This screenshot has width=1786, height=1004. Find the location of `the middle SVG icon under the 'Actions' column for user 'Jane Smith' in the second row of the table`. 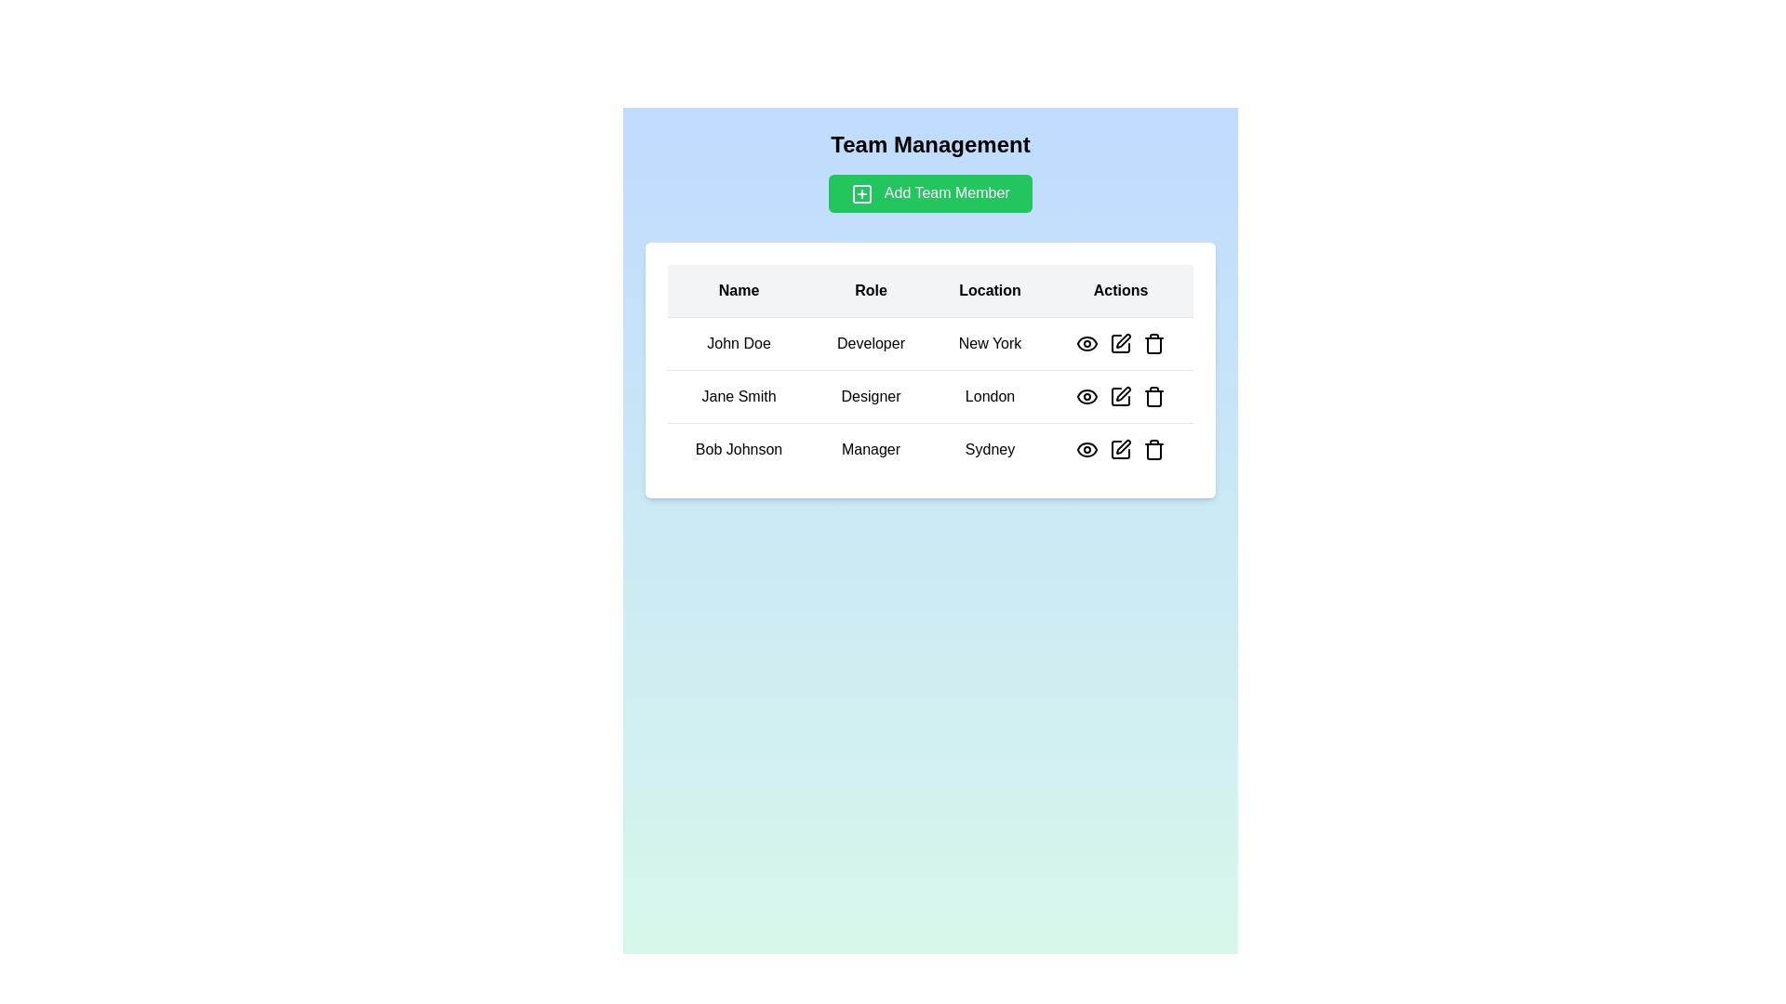

the middle SVG icon under the 'Actions' column for user 'Jane Smith' in the second row of the table is located at coordinates (1119, 395).